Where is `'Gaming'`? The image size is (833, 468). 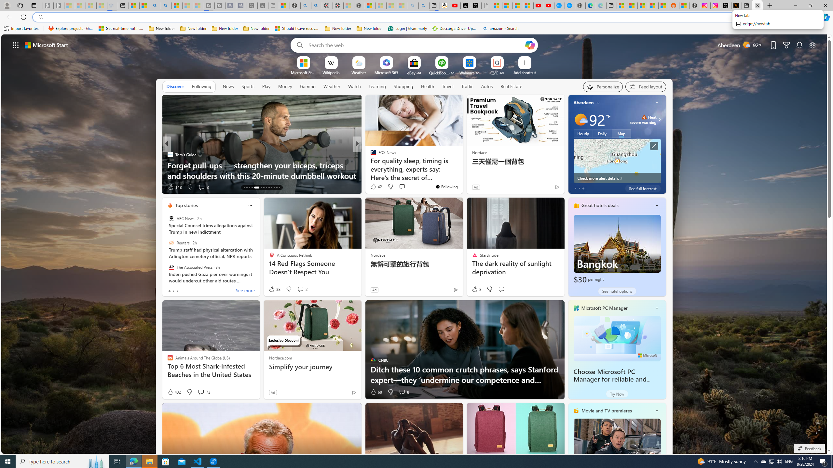
'Gaming' is located at coordinates (307, 86).